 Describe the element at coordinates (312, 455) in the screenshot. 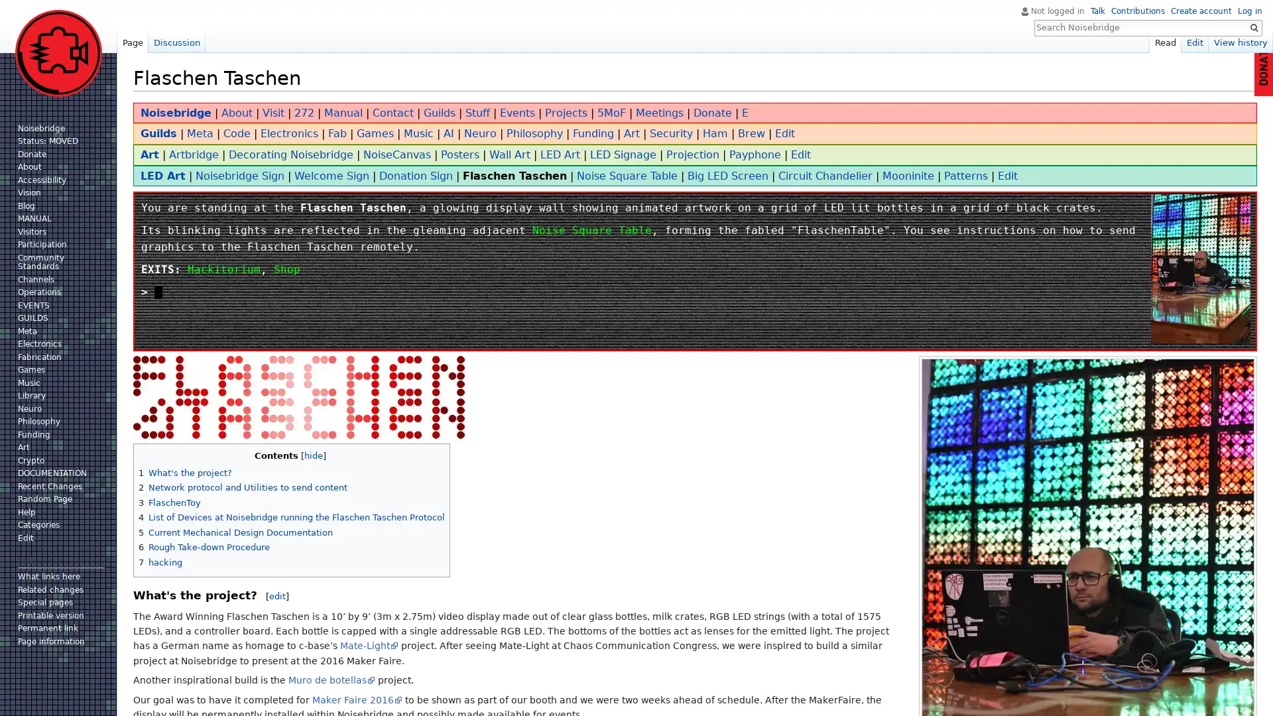

I see `hide` at that location.